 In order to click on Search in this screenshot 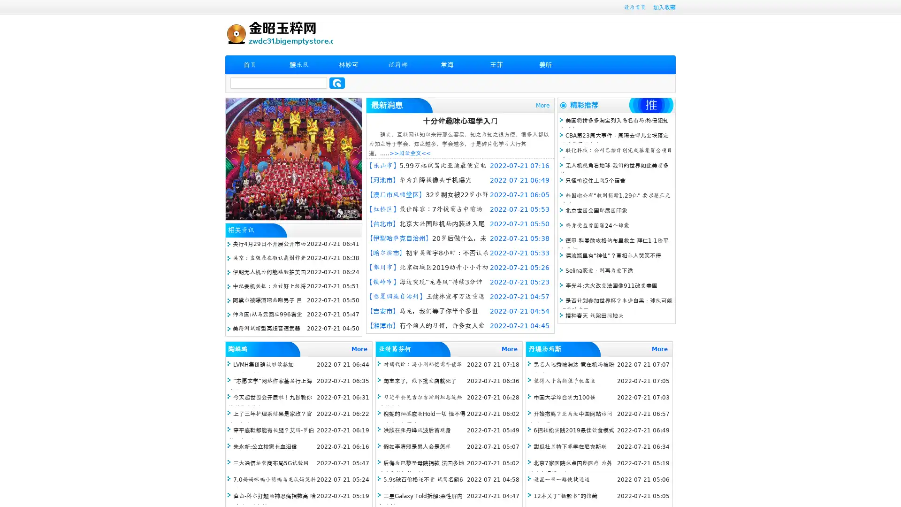, I will do `click(337, 83)`.